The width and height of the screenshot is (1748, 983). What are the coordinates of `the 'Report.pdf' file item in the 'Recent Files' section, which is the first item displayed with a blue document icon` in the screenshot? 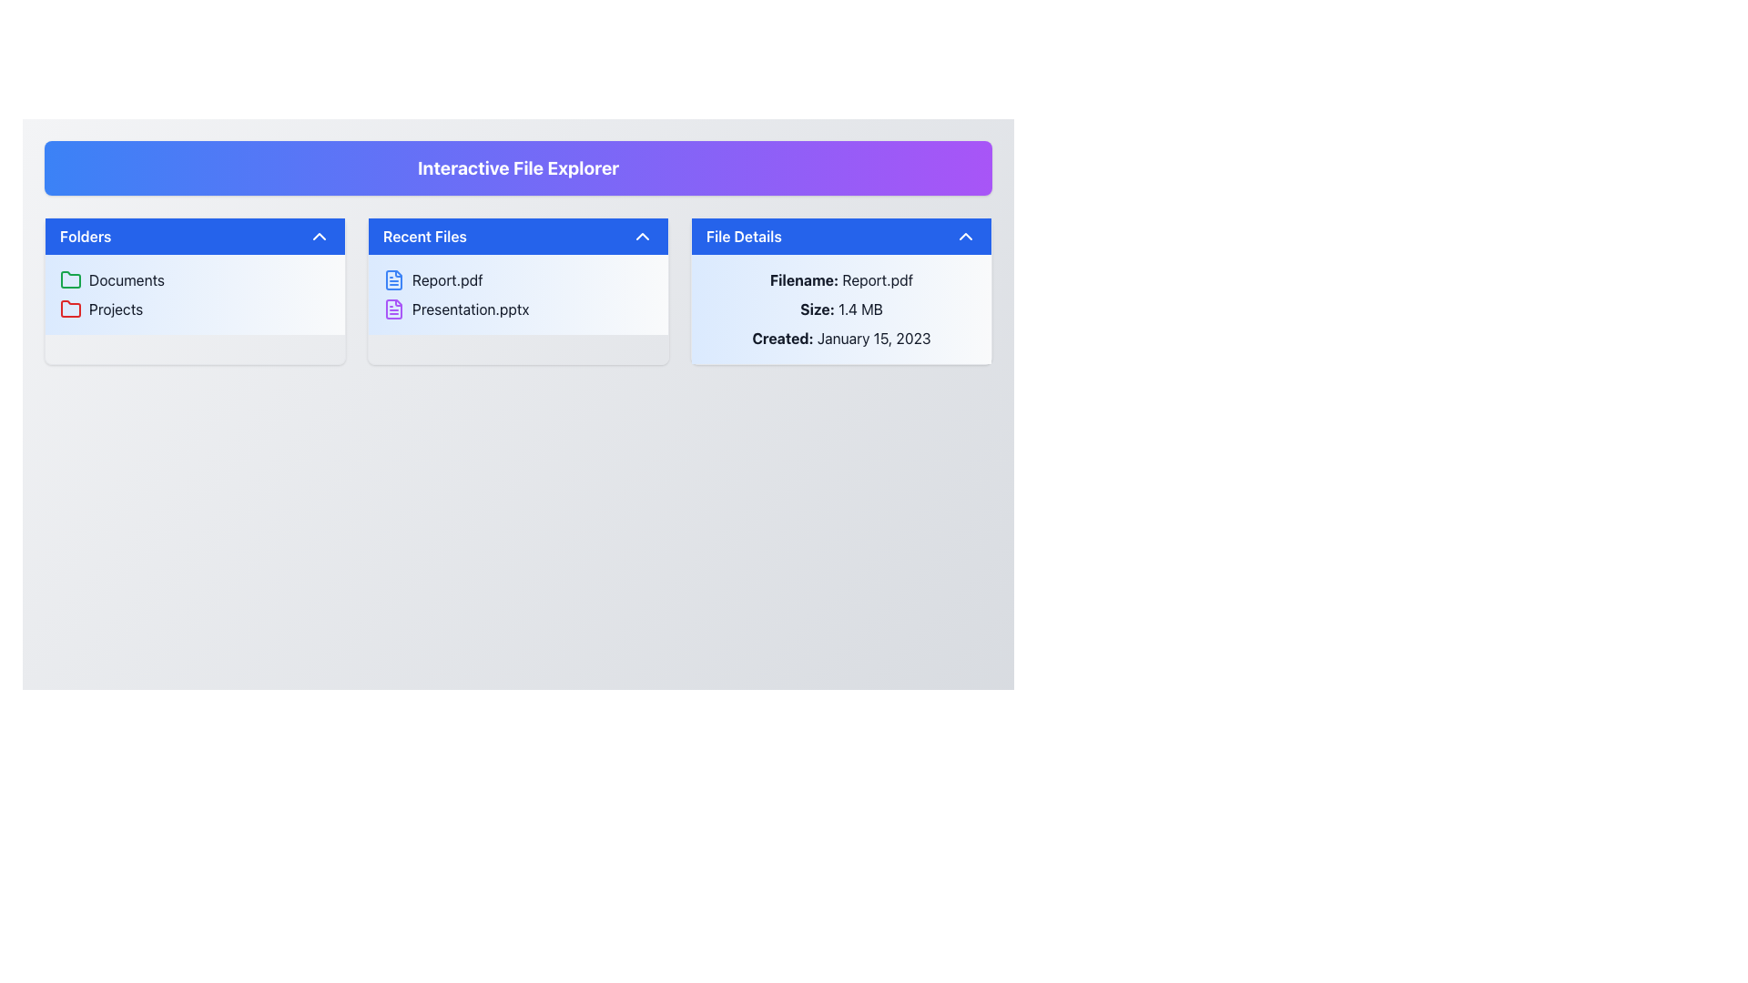 It's located at (517, 280).